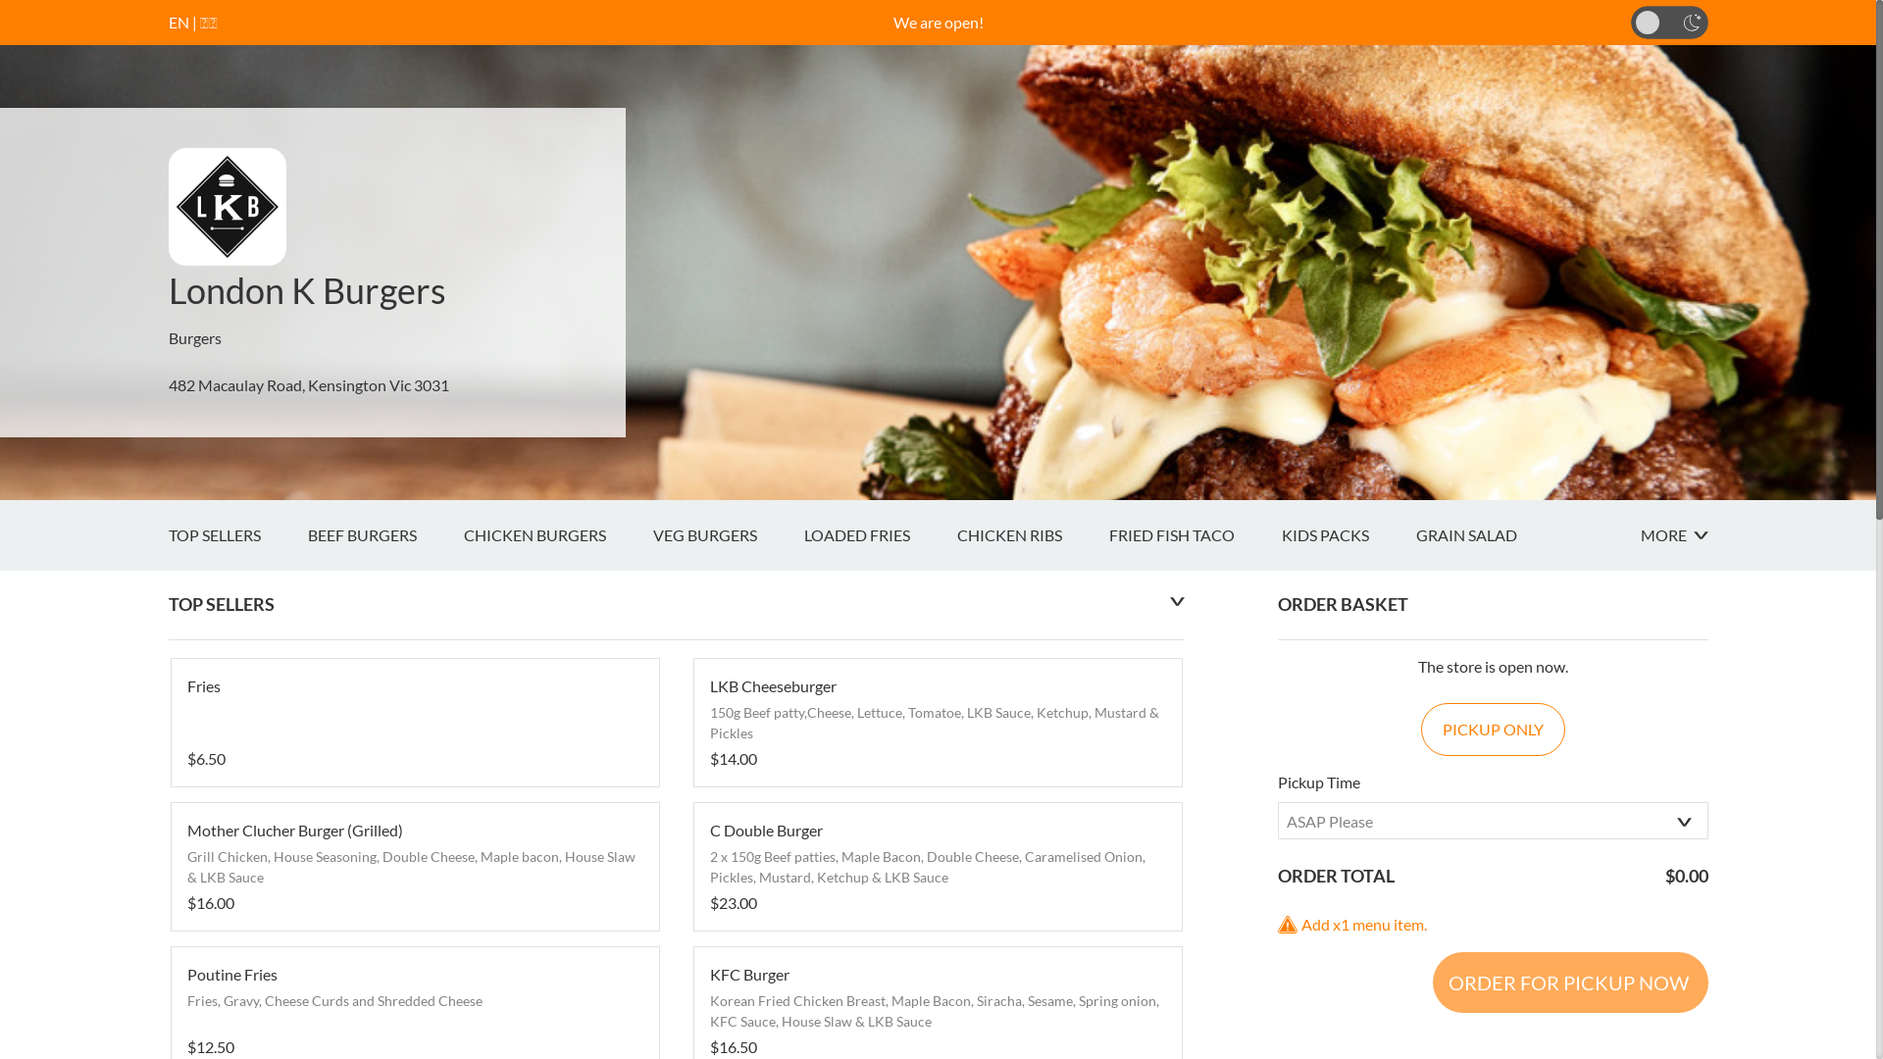 The height and width of the screenshot is (1059, 1883). Describe the element at coordinates (653, 535) in the screenshot. I see `'VEG BURGERS'` at that location.